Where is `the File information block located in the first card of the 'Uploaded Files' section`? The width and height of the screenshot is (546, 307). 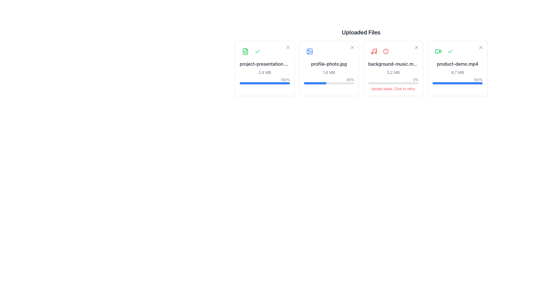 the File information block located in the first card of the 'Uploaded Files' section is located at coordinates (264, 72).